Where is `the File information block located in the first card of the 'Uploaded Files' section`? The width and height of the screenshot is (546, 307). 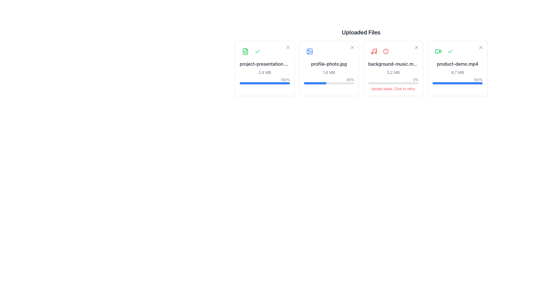 the File information block located in the first card of the 'Uploaded Files' section is located at coordinates (264, 72).